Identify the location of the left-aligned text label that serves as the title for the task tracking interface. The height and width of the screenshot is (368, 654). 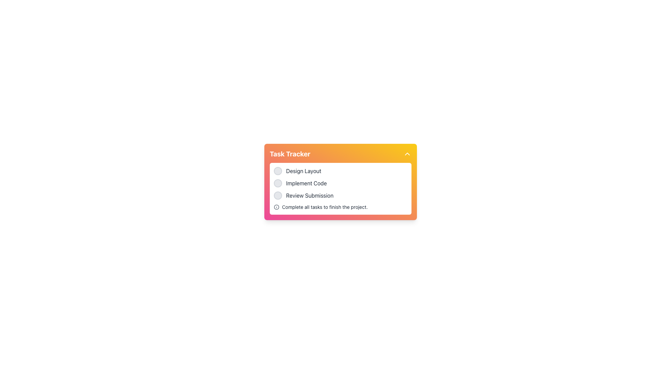
(290, 154).